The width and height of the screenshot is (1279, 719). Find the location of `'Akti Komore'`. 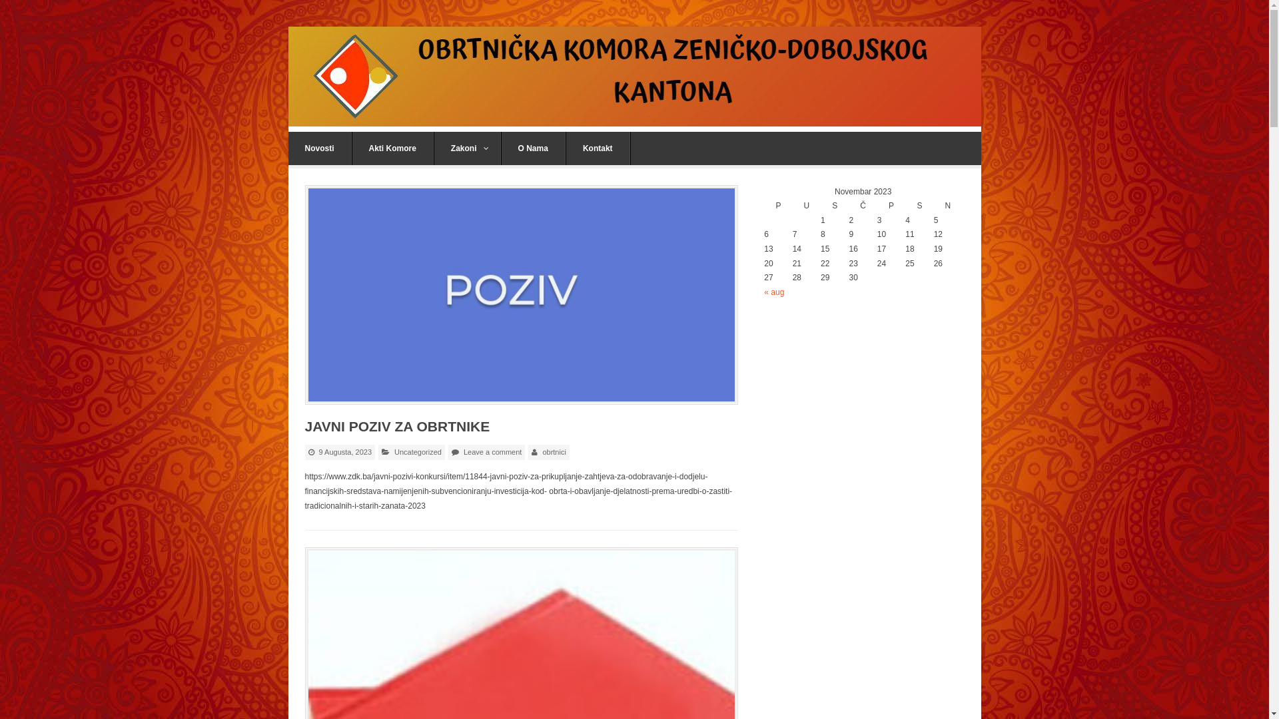

'Akti Komore' is located at coordinates (392, 148).